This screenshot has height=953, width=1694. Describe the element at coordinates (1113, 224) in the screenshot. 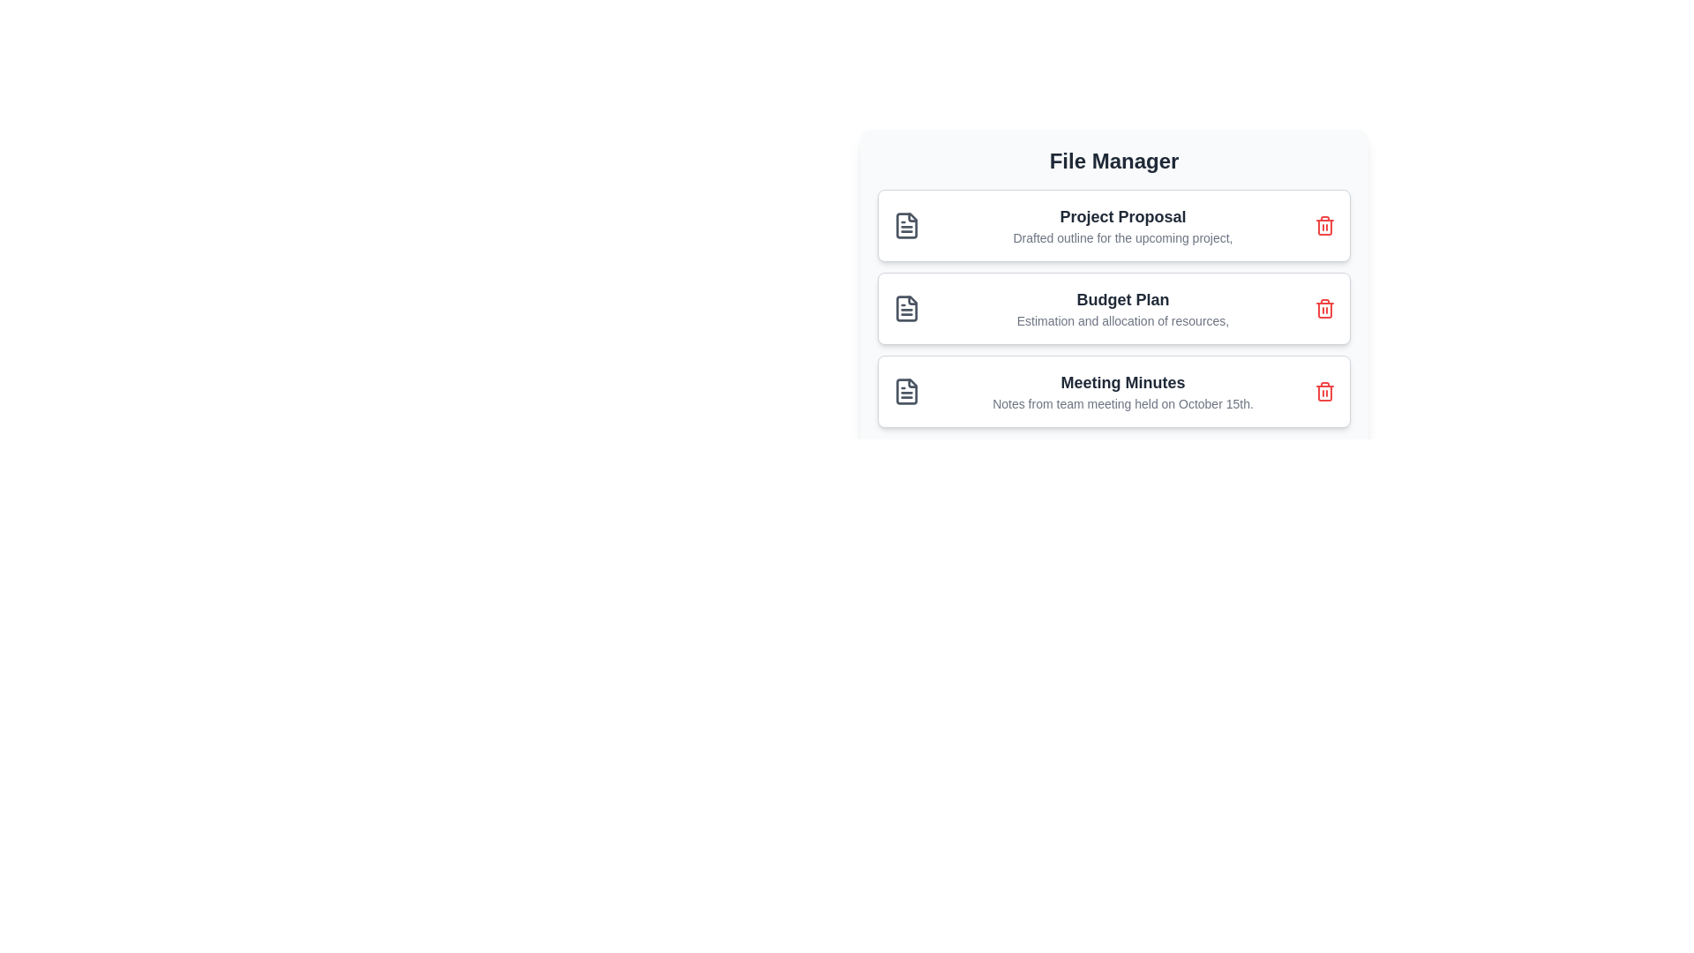

I see `the item Project Proposal from the list` at that location.